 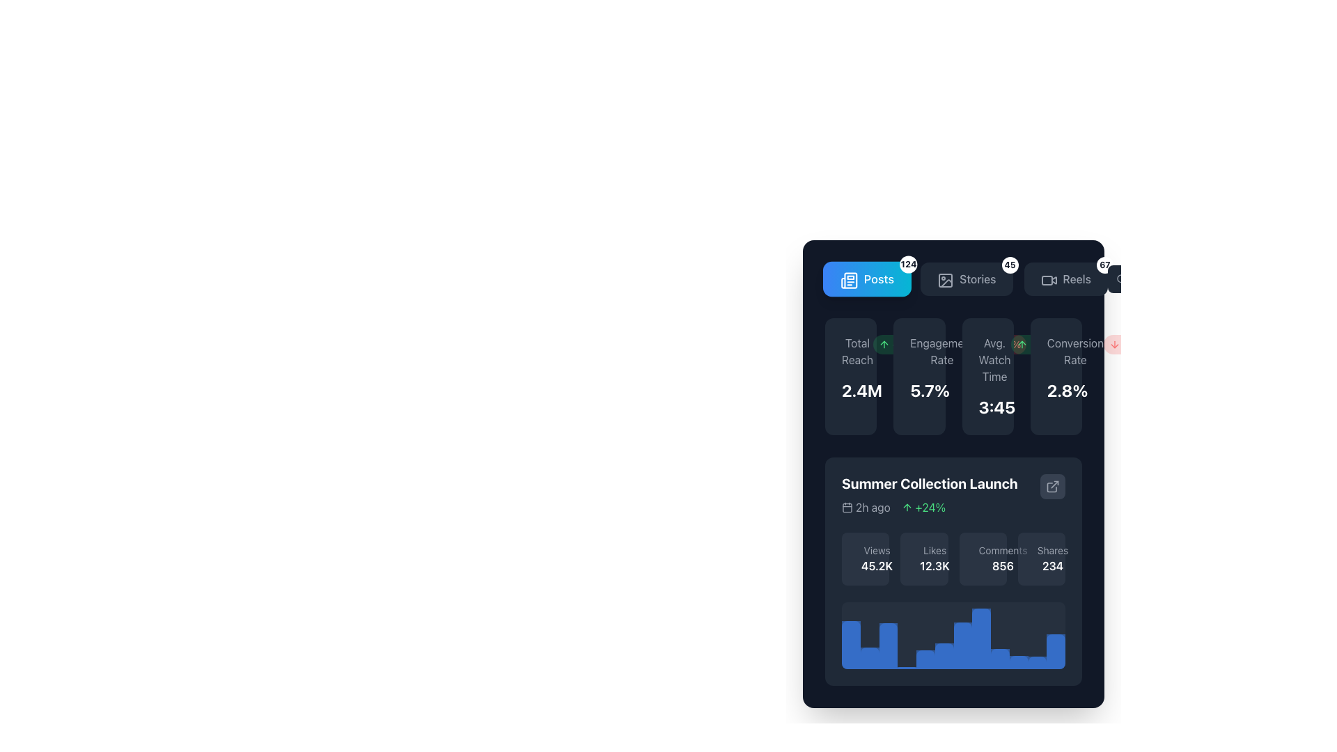 What do you see at coordinates (866, 279) in the screenshot?
I see `the first button in the upper section of the interface` at bounding box center [866, 279].